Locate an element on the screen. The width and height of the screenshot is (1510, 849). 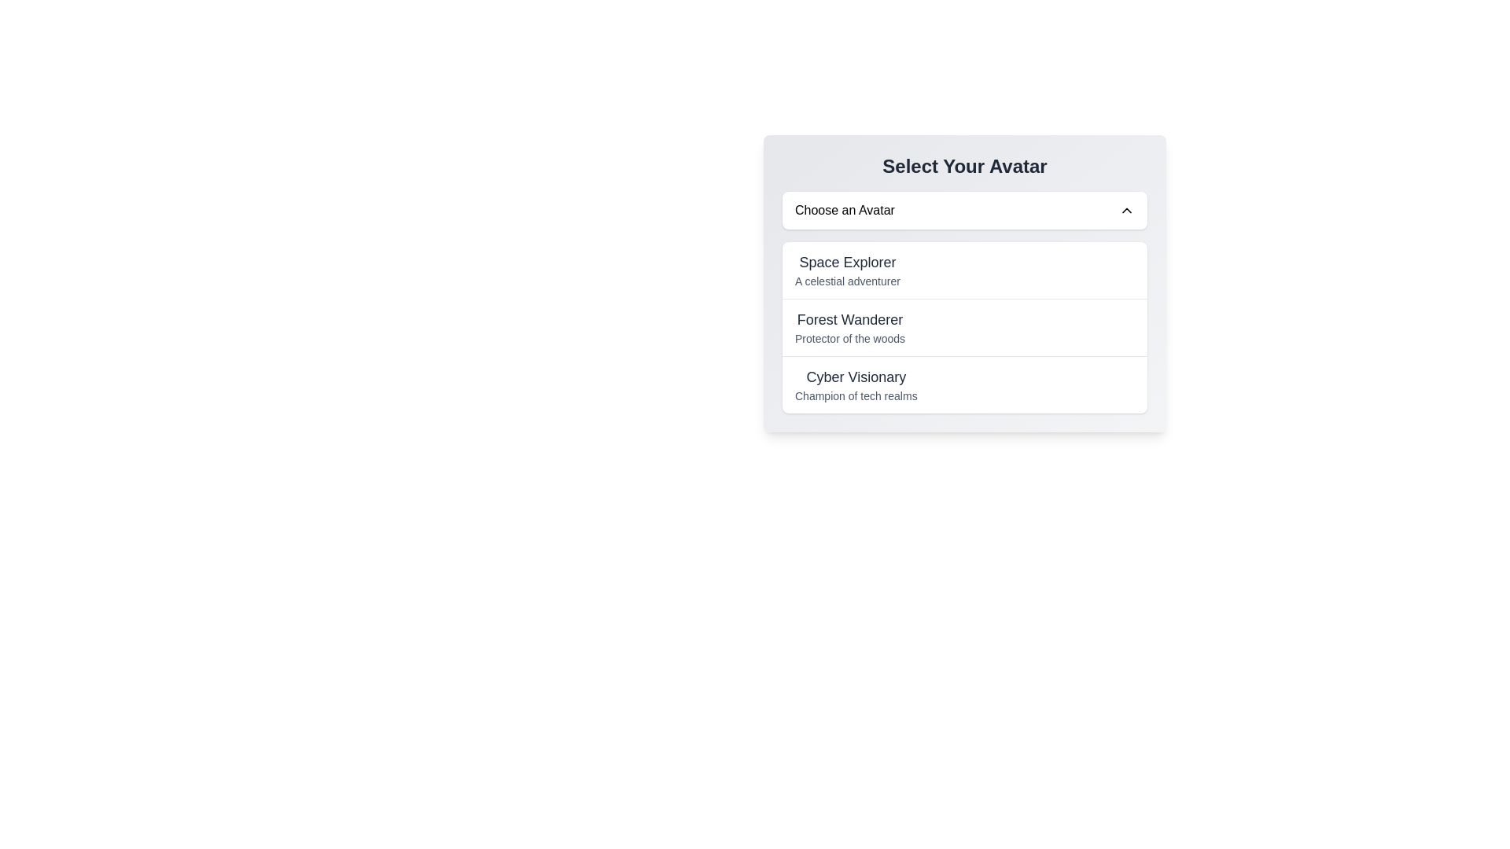
the third selectable item in the list that represents the 'Cyber Visionary' avatar is located at coordinates (964, 384).